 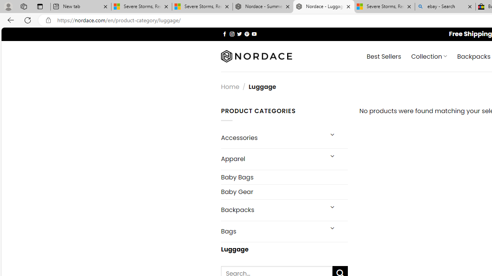 What do you see at coordinates (8, 6) in the screenshot?
I see `'Personal Profile'` at bounding box center [8, 6].